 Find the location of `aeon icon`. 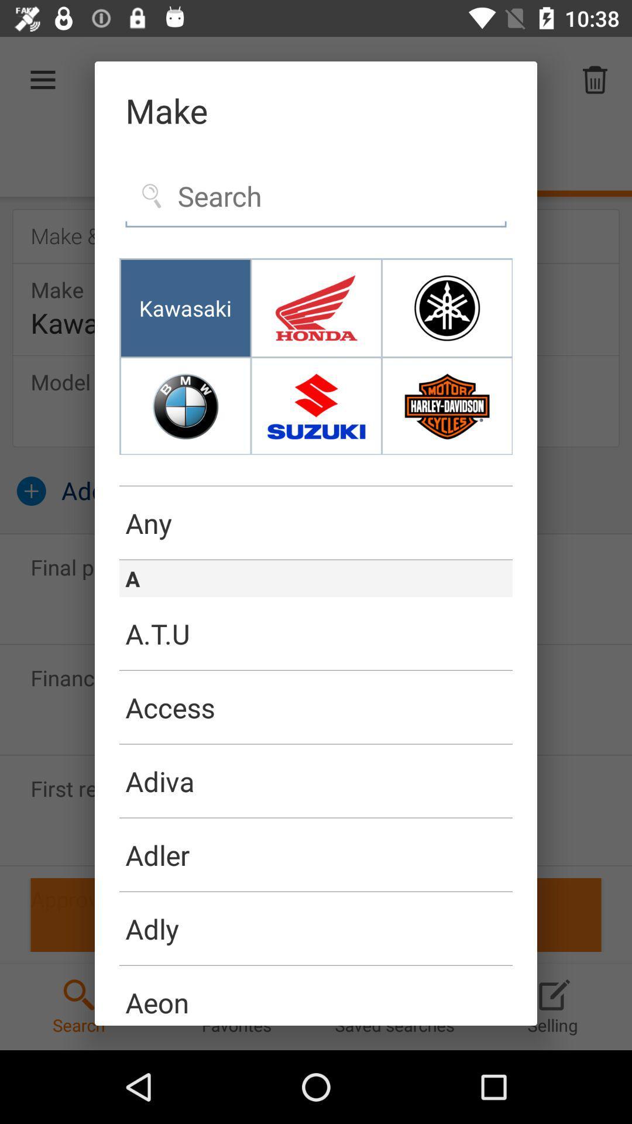

aeon icon is located at coordinates (316, 995).